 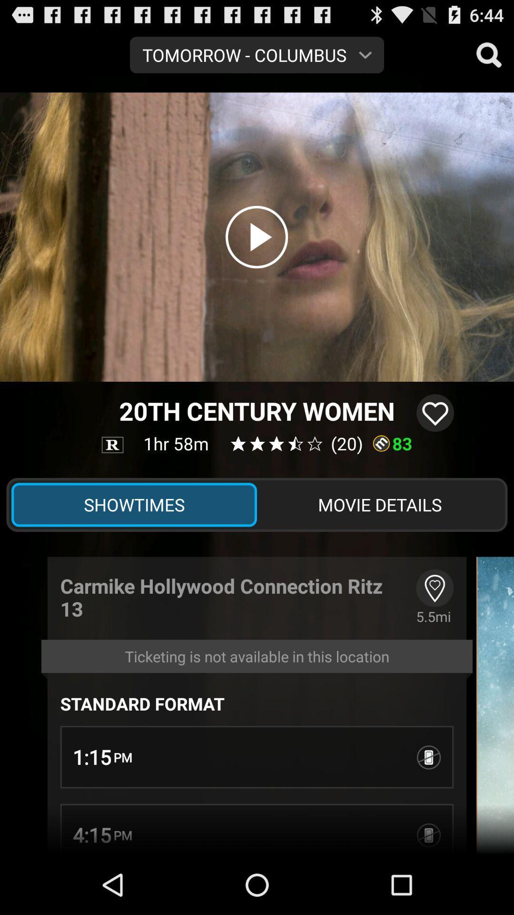 What do you see at coordinates (489, 58) in the screenshot?
I see `the search icon` at bounding box center [489, 58].